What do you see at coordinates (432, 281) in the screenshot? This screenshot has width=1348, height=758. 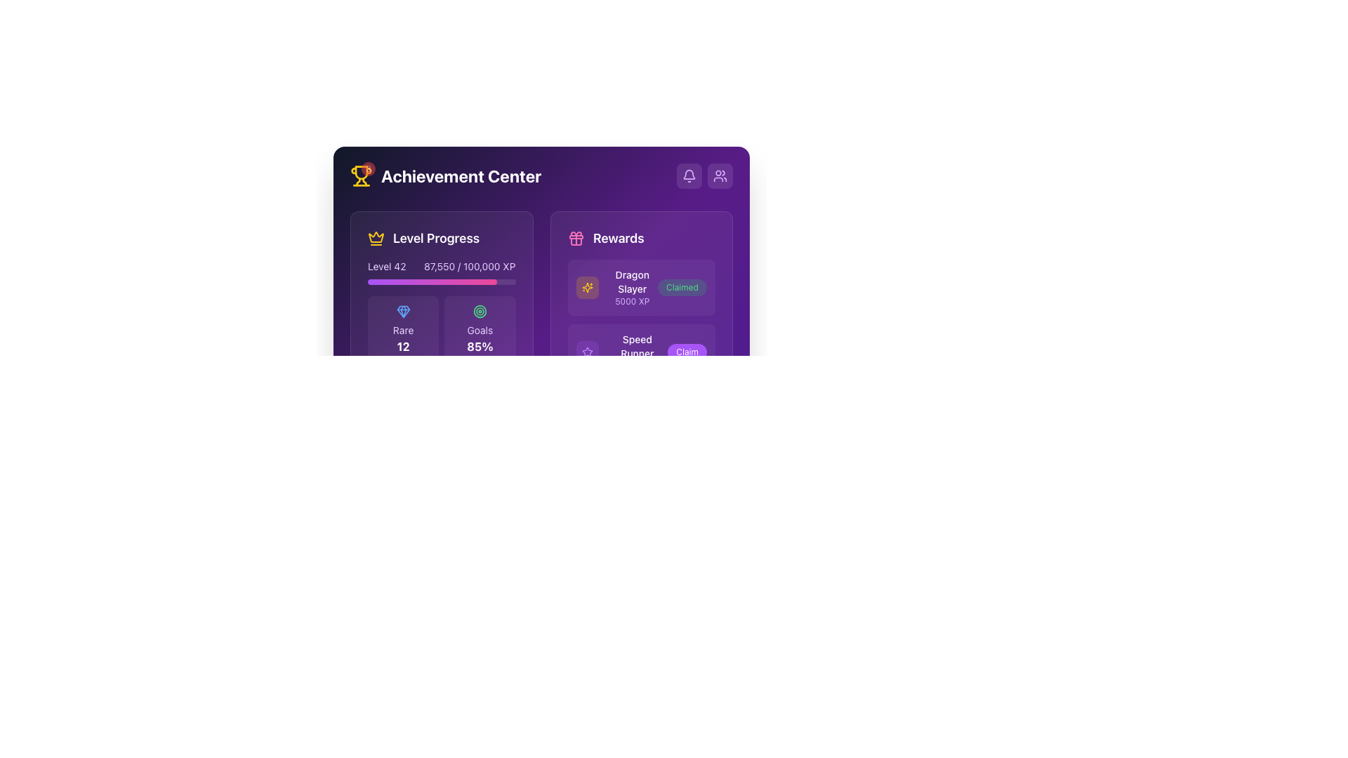 I see `the sleek, modern progress bar that transitions from purple to pink and has rounded ends` at bounding box center [432, 281].